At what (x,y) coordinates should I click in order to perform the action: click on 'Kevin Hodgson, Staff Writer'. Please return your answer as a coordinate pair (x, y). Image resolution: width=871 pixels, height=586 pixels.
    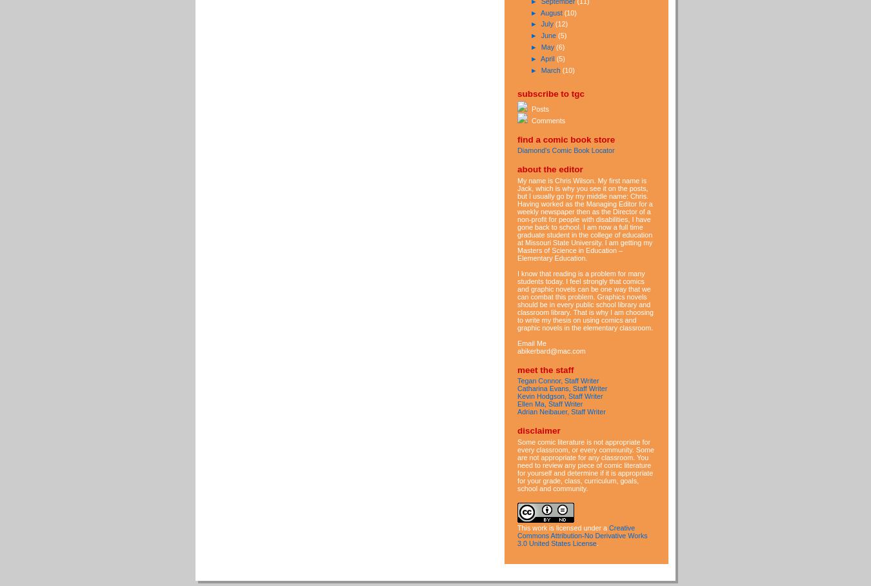
    Looking at the image, I should click on (560, 395).